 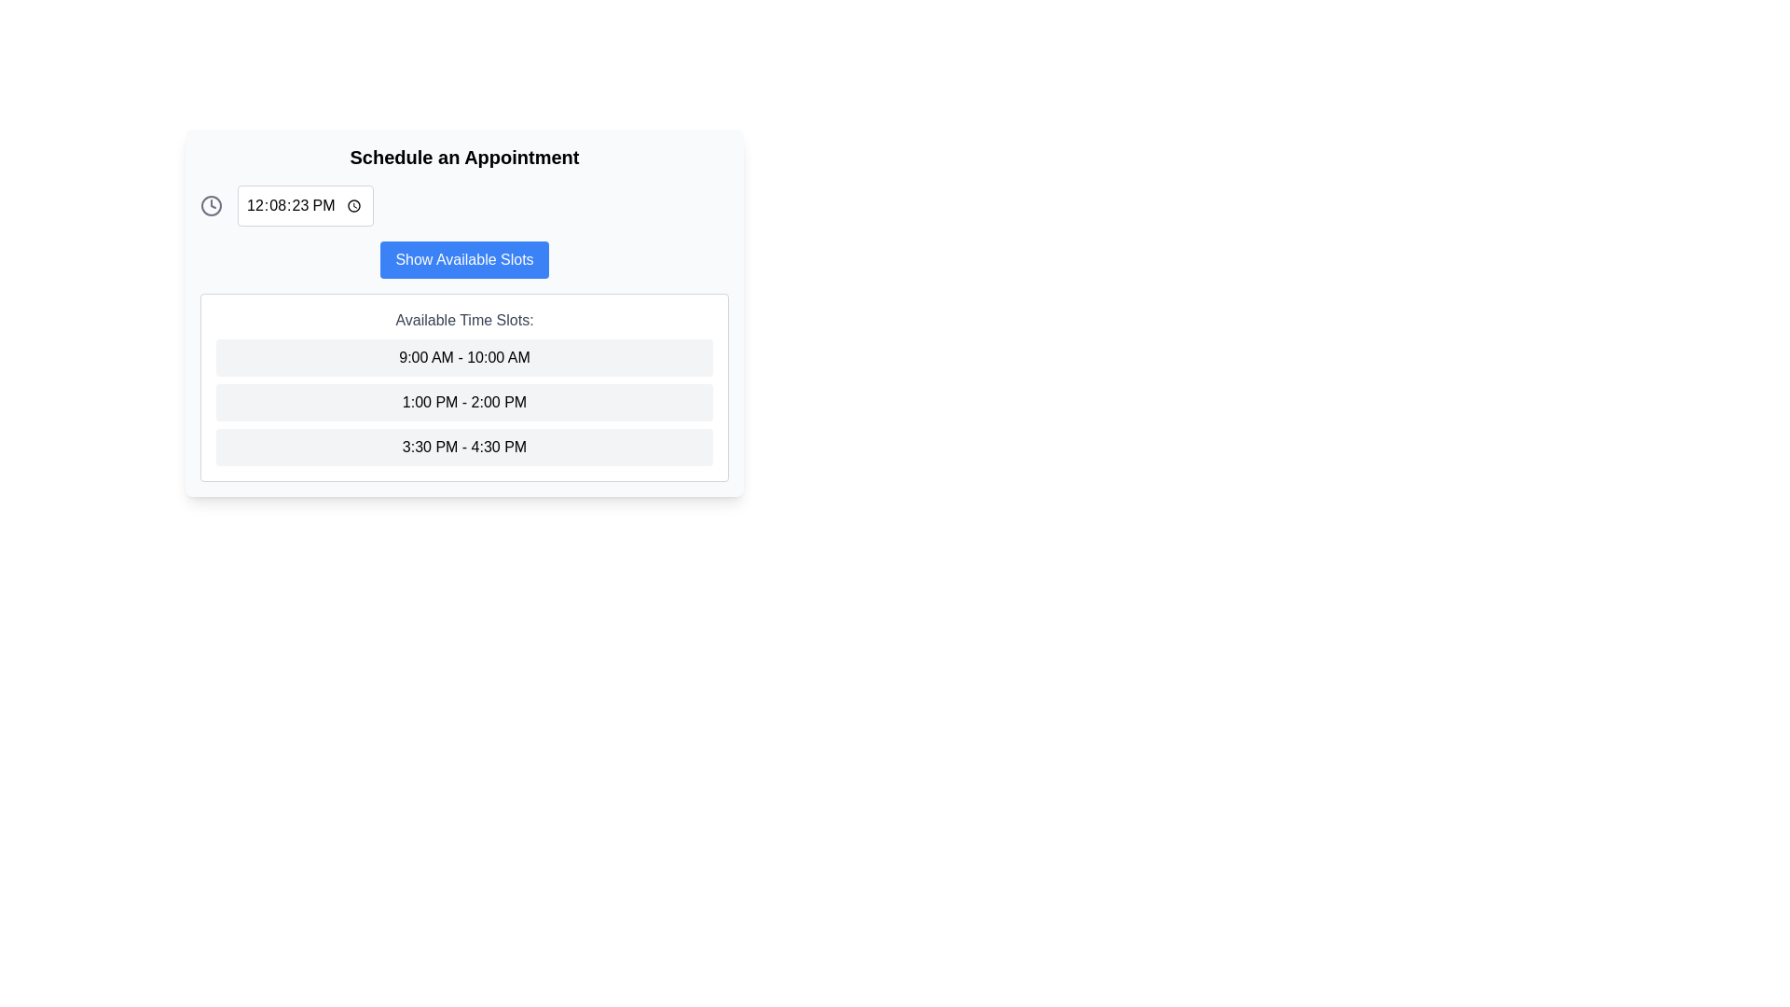 What do you see at coordinates (464, 447) in the screenshot?
I see `the time slot text label displaying '3:30 PM - 4:30 PM'` at bounding box center [464, 447].